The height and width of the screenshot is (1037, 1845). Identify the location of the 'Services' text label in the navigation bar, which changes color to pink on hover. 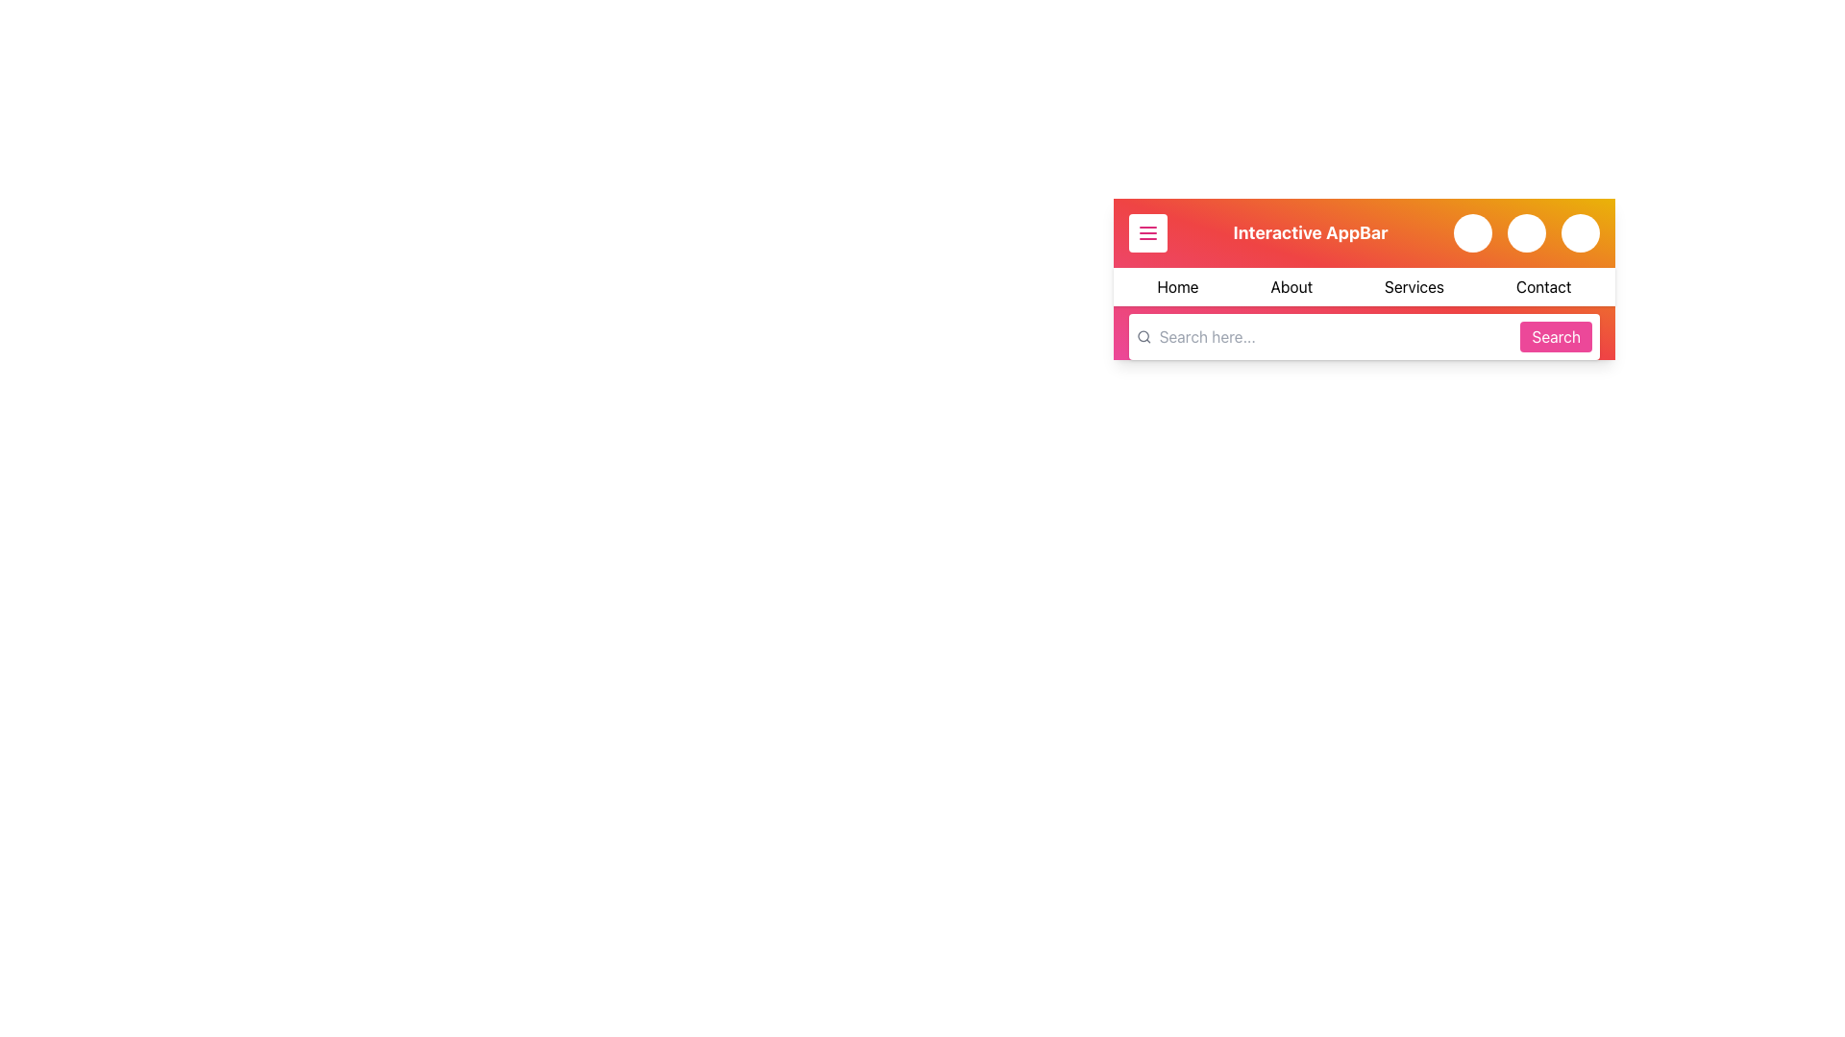
(1414, 287).